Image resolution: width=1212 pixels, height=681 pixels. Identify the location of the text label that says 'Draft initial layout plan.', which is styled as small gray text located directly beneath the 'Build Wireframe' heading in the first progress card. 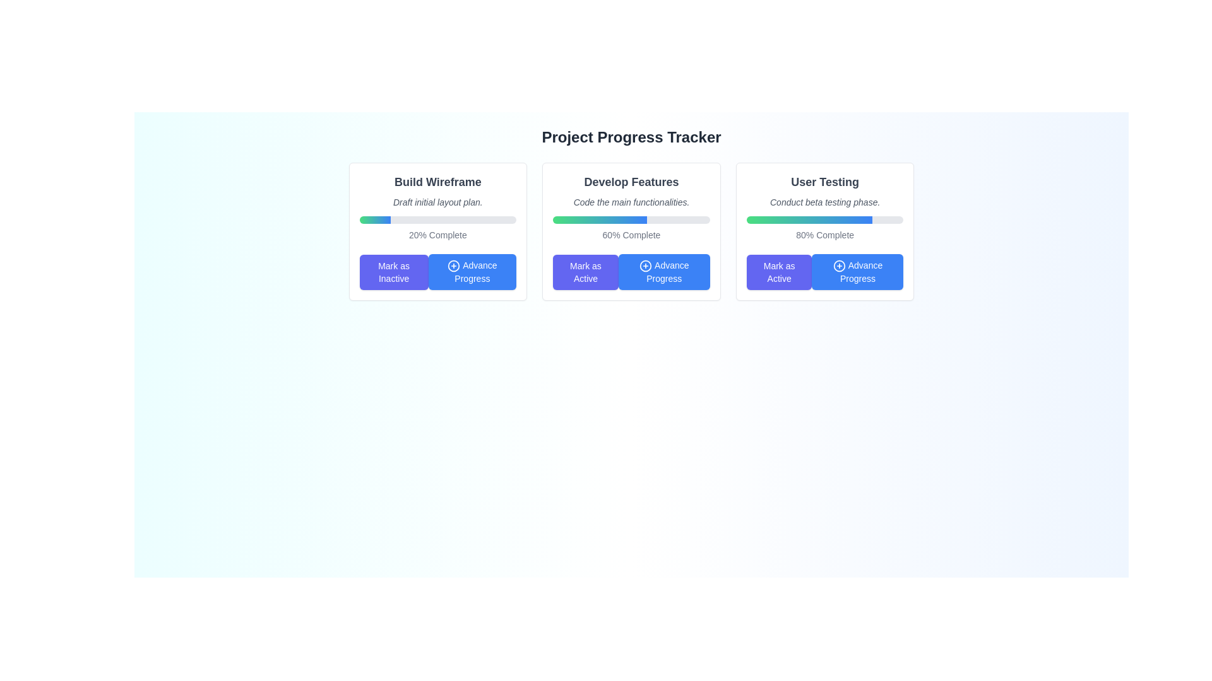
(437, 201).